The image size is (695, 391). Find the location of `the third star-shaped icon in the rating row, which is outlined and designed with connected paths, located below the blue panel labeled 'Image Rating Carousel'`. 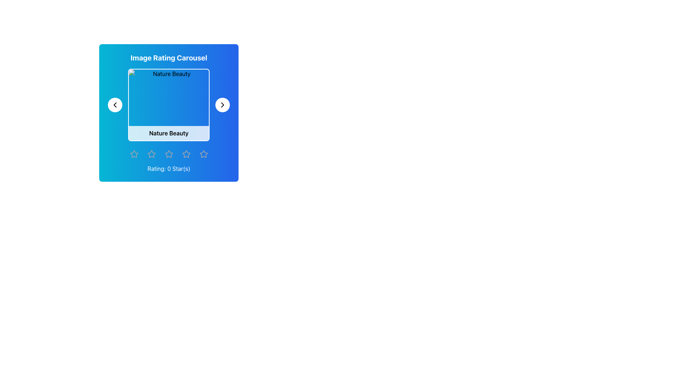

the third star-shaped icon in the rating row, which is outlined and designed with connected paths, located below the blue panel labeled 'Image Rating Carousel' is located at coordinates (168, 154).